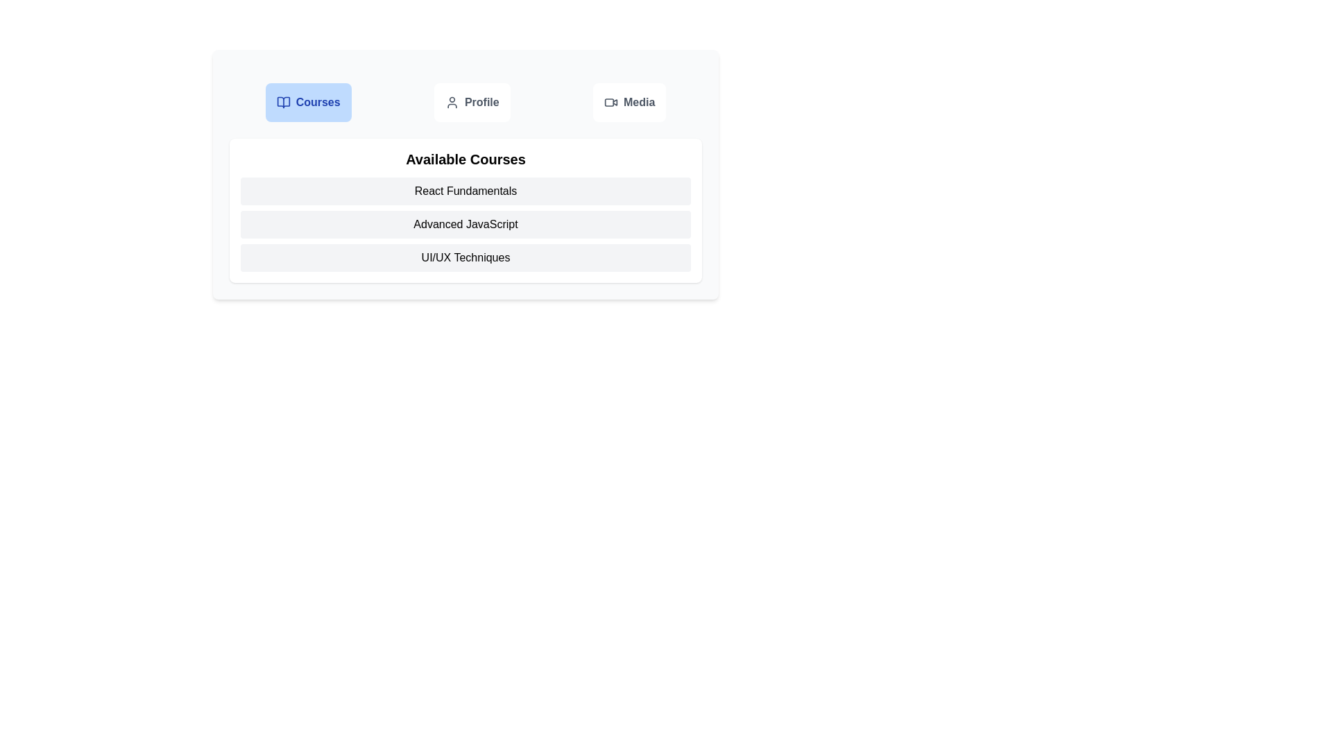 The width and height of the screenshot is (1332, 749). I want to click on the 'Courses' button, which is a rounded rectangular button with a light blue background and bold blue text, located in the header area, so click(307, 101).